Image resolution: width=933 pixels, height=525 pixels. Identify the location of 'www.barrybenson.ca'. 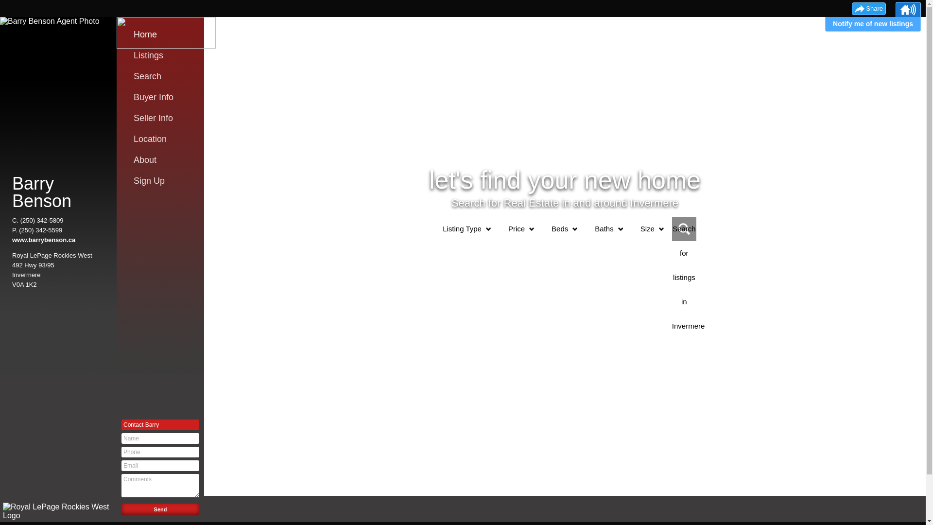
(43, 240).